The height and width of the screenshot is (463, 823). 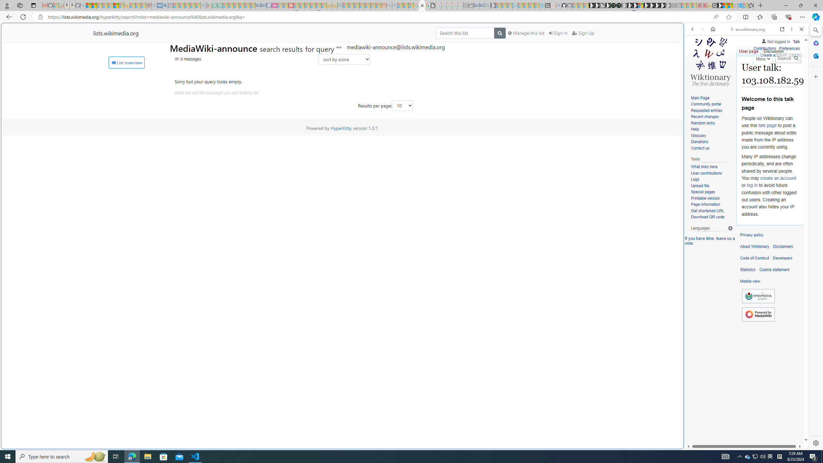 What do you see at coordinates (796, 41) in the screenshot?
I see `'Talk'` at bounding box center [796, 41].